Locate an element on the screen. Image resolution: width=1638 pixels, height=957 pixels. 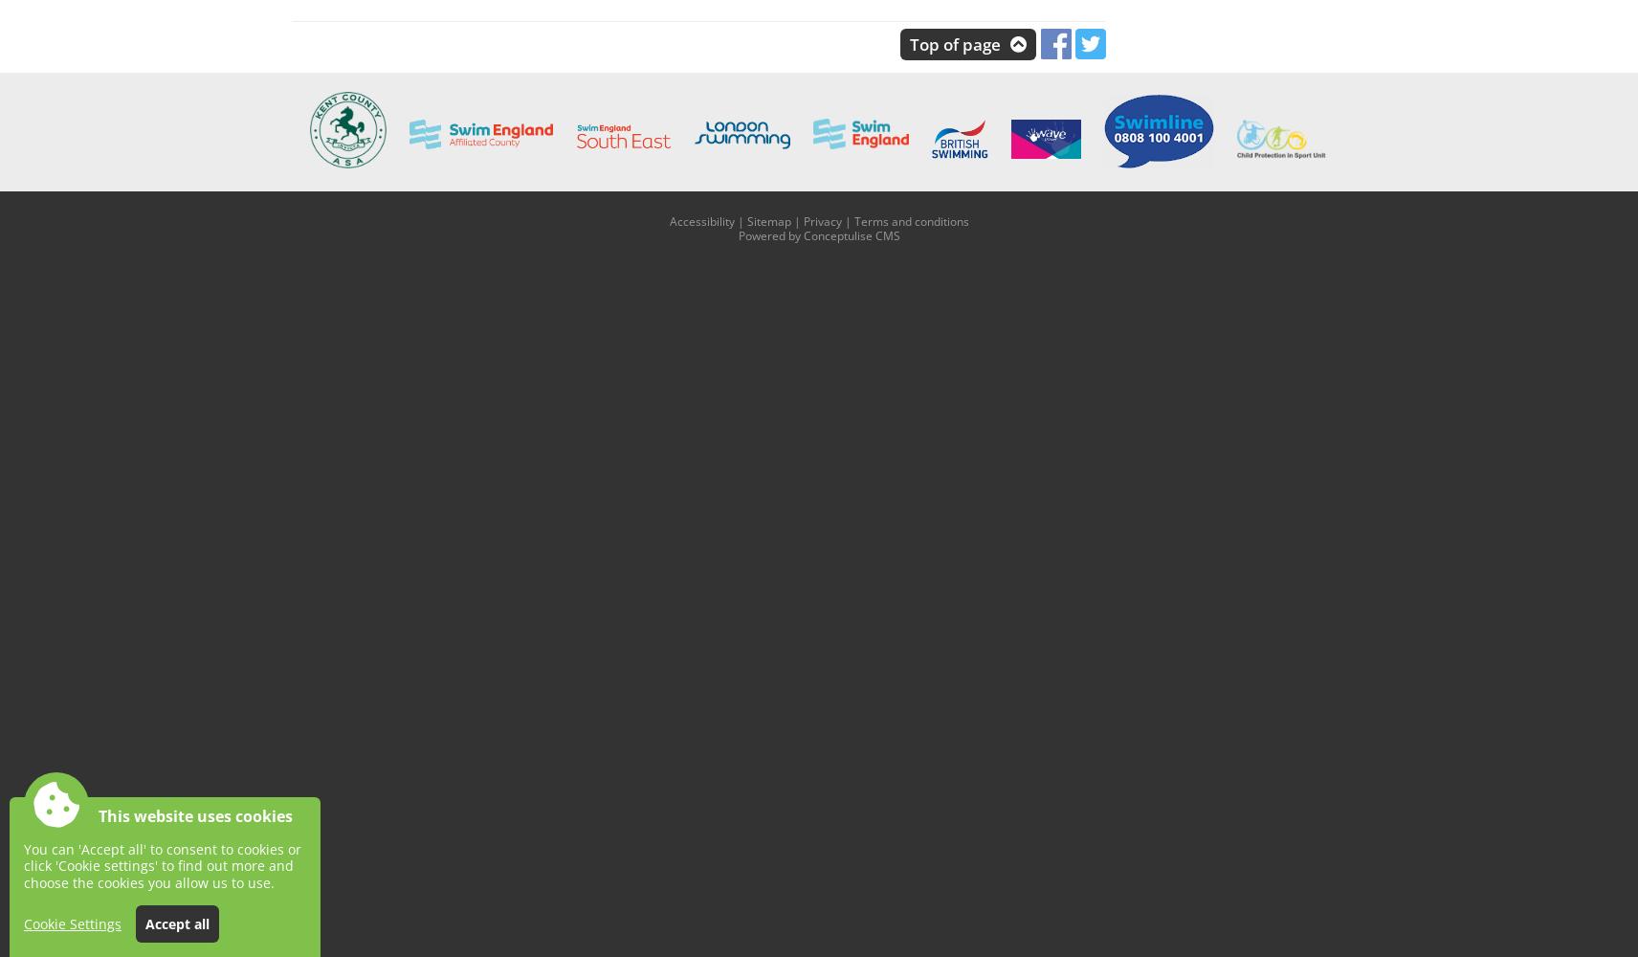
'You can 'Accept all' to consent to cookies or click 'Cookie settings' to find out more and choose the cookies you allow us to use.' is located at coordinates (162, 865).